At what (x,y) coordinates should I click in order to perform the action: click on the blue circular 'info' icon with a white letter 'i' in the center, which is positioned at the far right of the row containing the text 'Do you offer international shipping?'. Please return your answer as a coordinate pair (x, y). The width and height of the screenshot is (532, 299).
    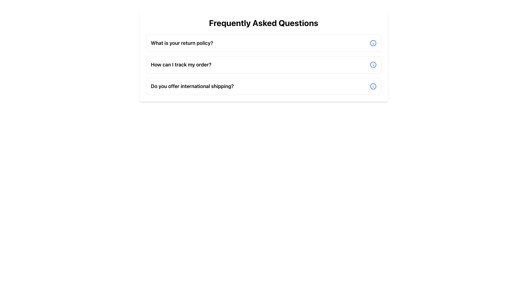
    Looking at the image, I should click on (373, 86).